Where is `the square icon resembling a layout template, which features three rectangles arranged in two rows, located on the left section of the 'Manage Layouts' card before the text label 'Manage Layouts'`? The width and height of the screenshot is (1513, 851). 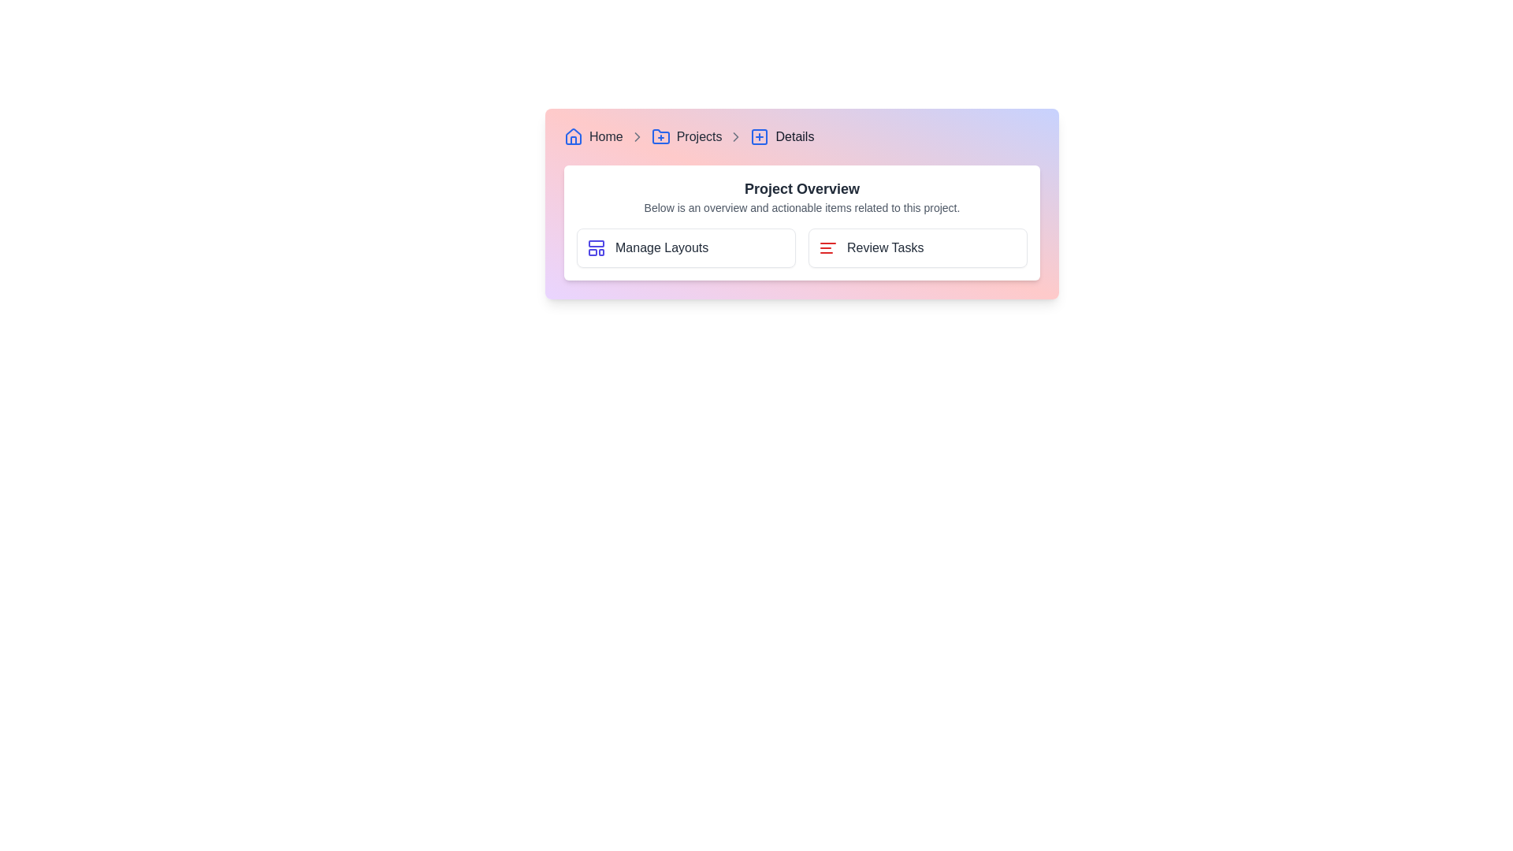
the square icon resembling a layout template, which features three rectangles arranged in two rows, located on the left section of the 'Manage Layouts' card before the text label 'Manage Layouts' is located at coordinates (596, 248).